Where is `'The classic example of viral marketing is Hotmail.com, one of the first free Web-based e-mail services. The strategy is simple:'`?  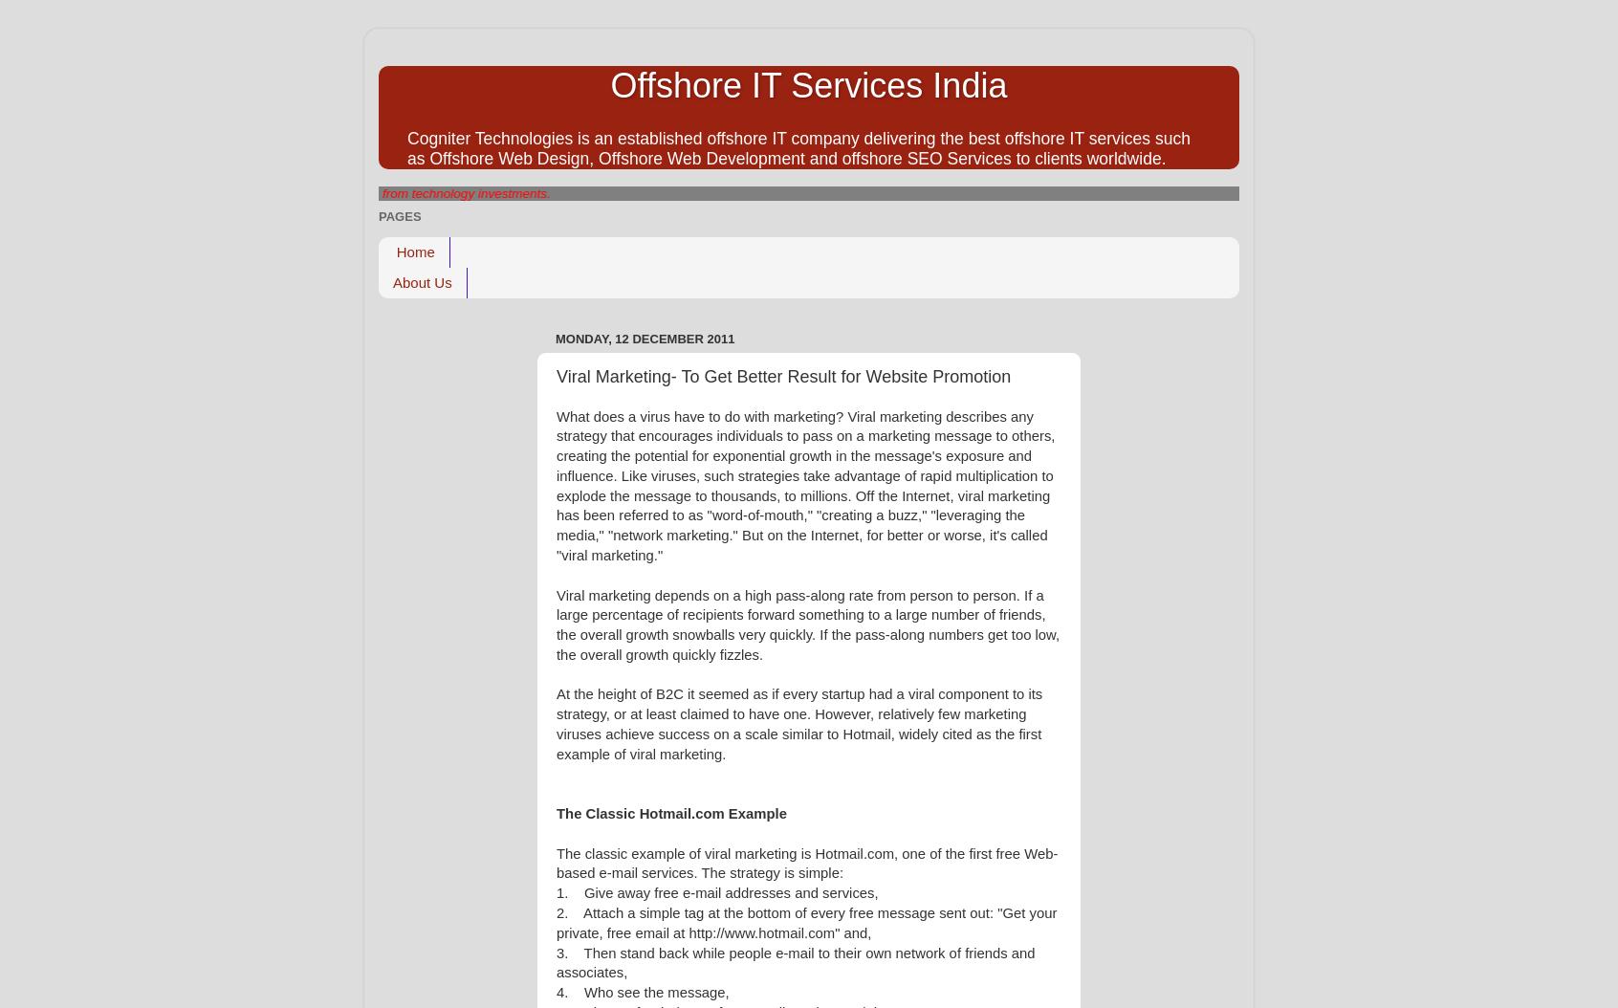 'The classic example of viral marketing is Hotmail.com, one of the first free Web-based e-mail services. The strategy is simple:' is located at coordinates (556, 862).